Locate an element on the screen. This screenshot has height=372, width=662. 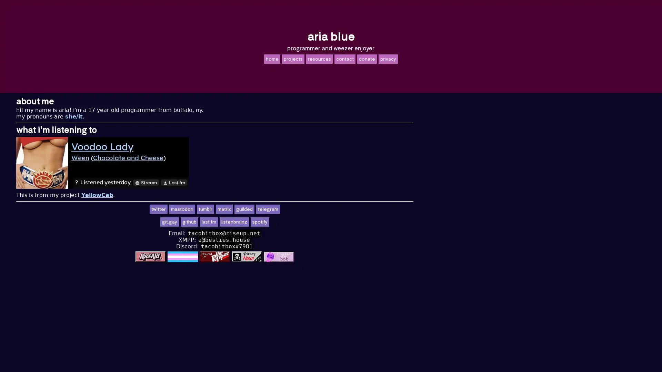
donate is located at coordinates (366, 58).